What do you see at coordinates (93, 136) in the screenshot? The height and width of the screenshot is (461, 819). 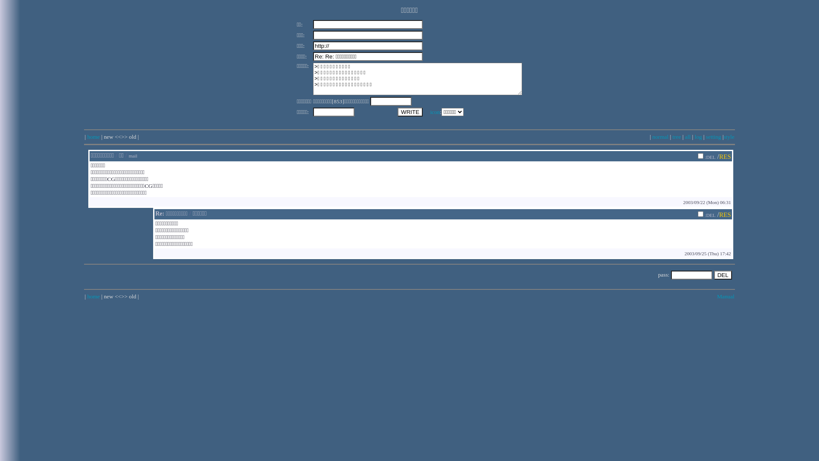 I see `'home'` at bounding box center [93, 136].